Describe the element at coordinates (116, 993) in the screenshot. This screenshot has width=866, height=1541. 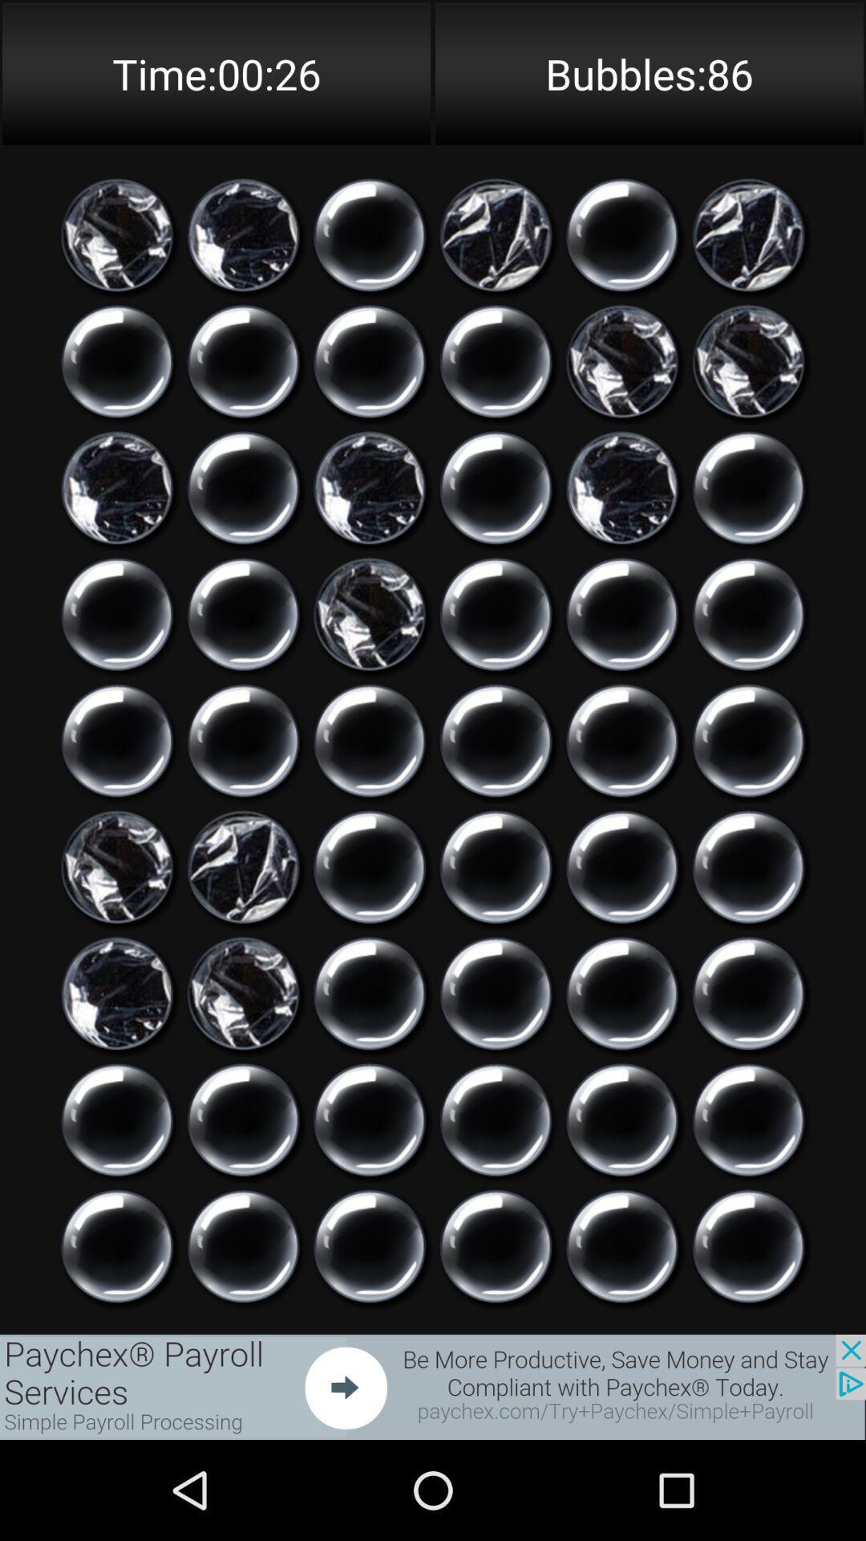
I see `burst bubble` at that location.